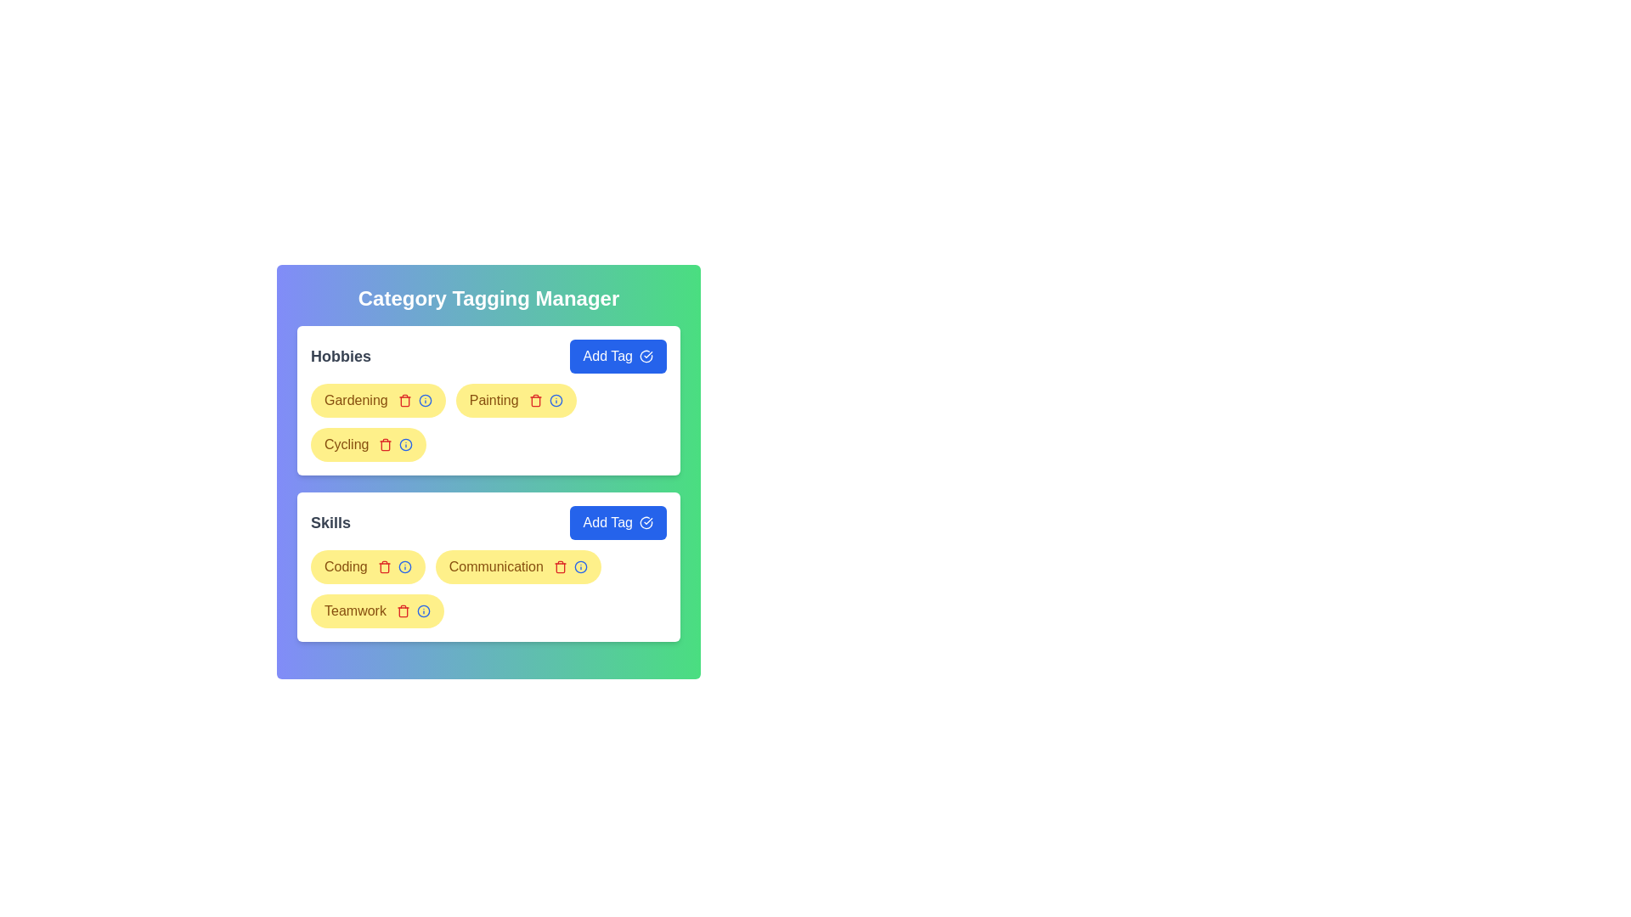  What do you see at coordinates (425, 400) in the screenshot?
I see `the small blue circular icon adjacent to the 'Gardening' label within the yellow rounded badge` at bounding box center [425, 400].